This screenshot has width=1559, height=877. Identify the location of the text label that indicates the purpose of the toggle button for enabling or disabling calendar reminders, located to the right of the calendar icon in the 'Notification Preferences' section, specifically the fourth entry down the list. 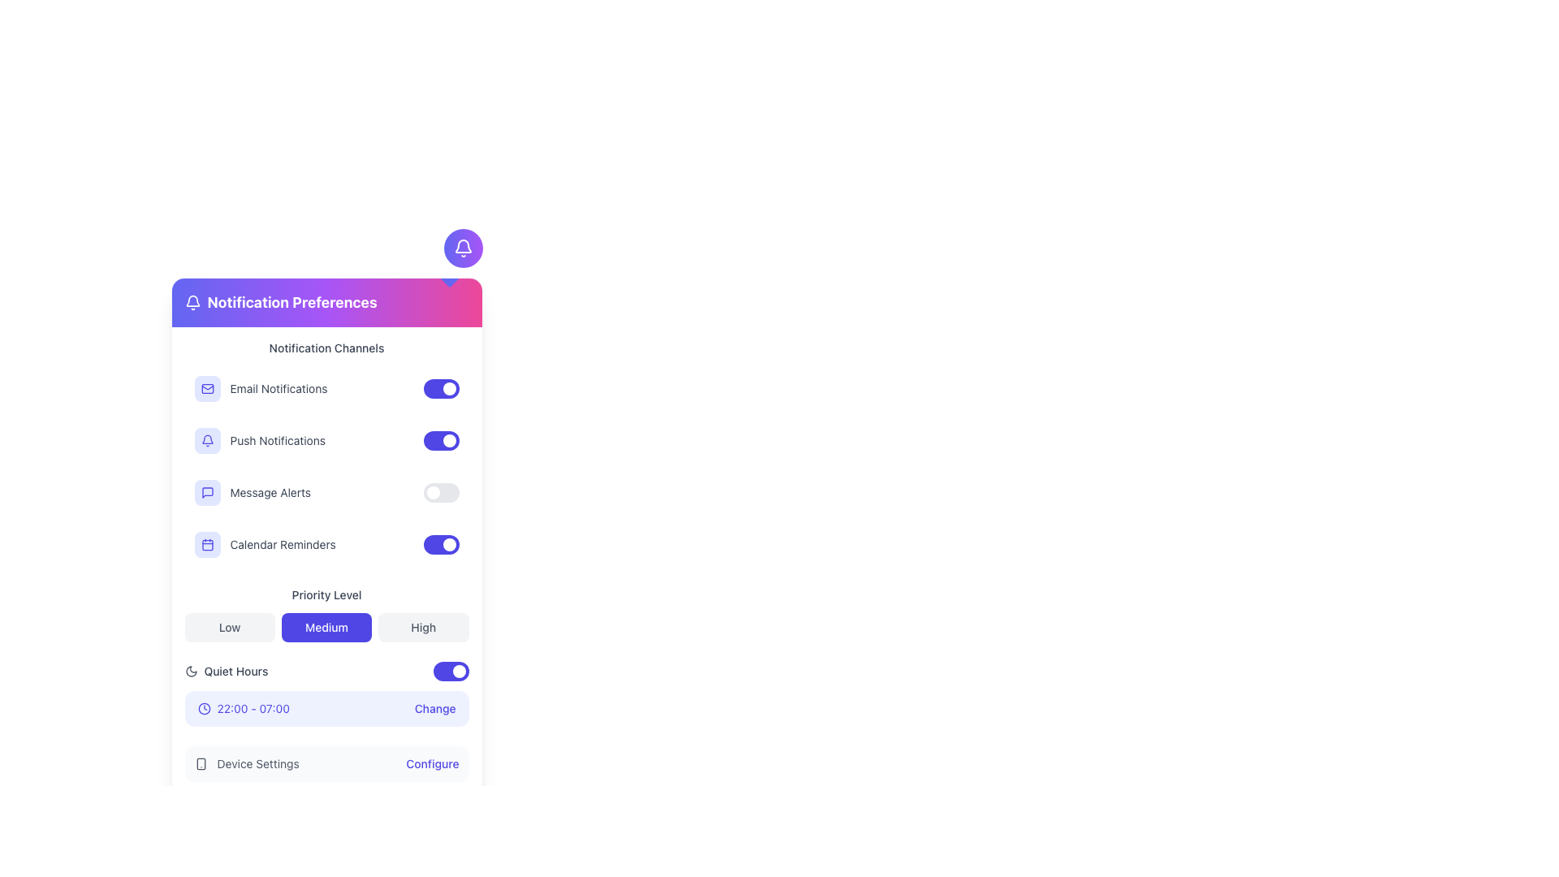
(283, 545).